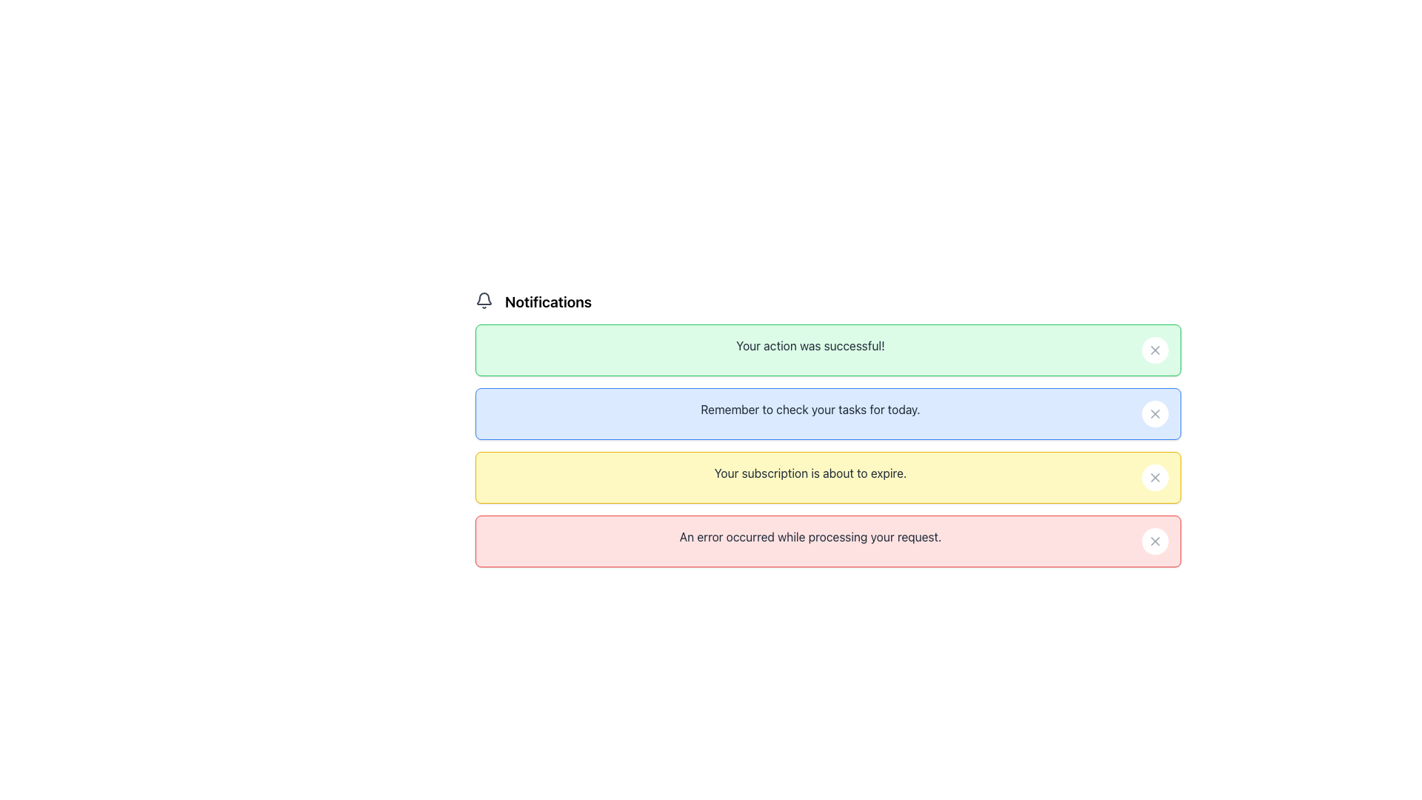 This screenshot has height=800, width=1422. I want to click on the circular button with a gray cross icon in the upper-right corner of the yellow notification box labeled 'Your subscription is about to expire.' to observe the styling change, so click(1155, 477).